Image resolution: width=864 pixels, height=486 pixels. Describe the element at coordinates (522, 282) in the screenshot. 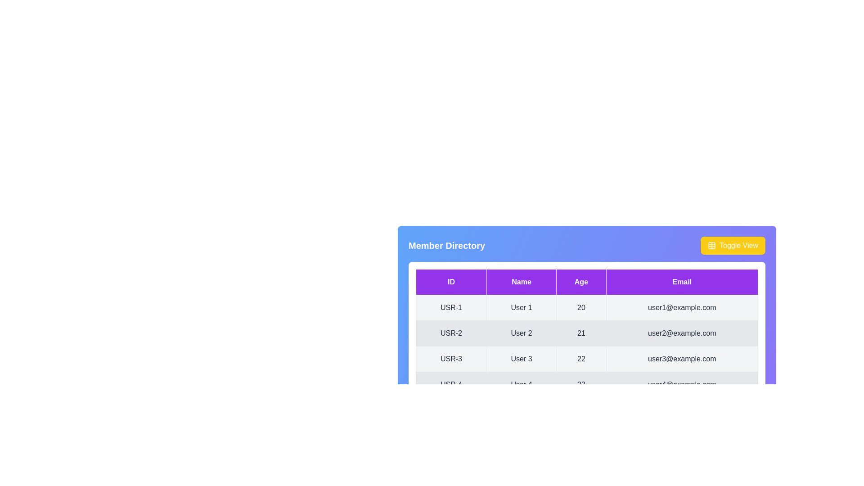

I see `the column header Name to sort the table by that column` at that location.